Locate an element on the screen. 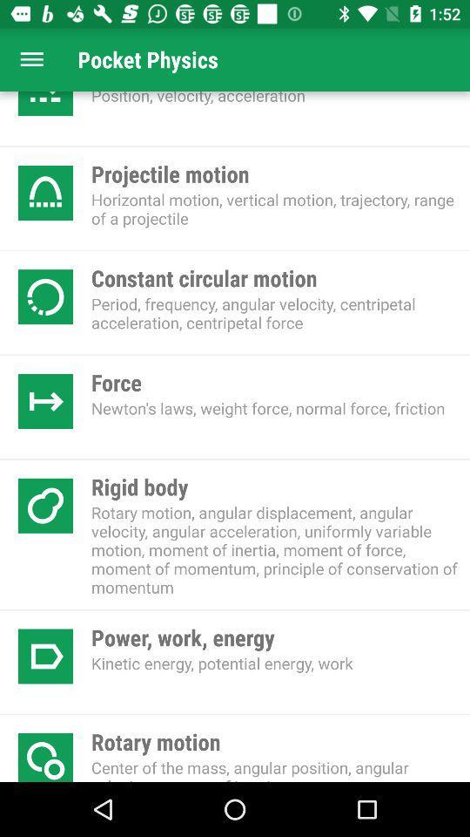 The width and height of the screenshot is (470, 837). the item next to pocket physics icon is located at coordinates (31, 59).